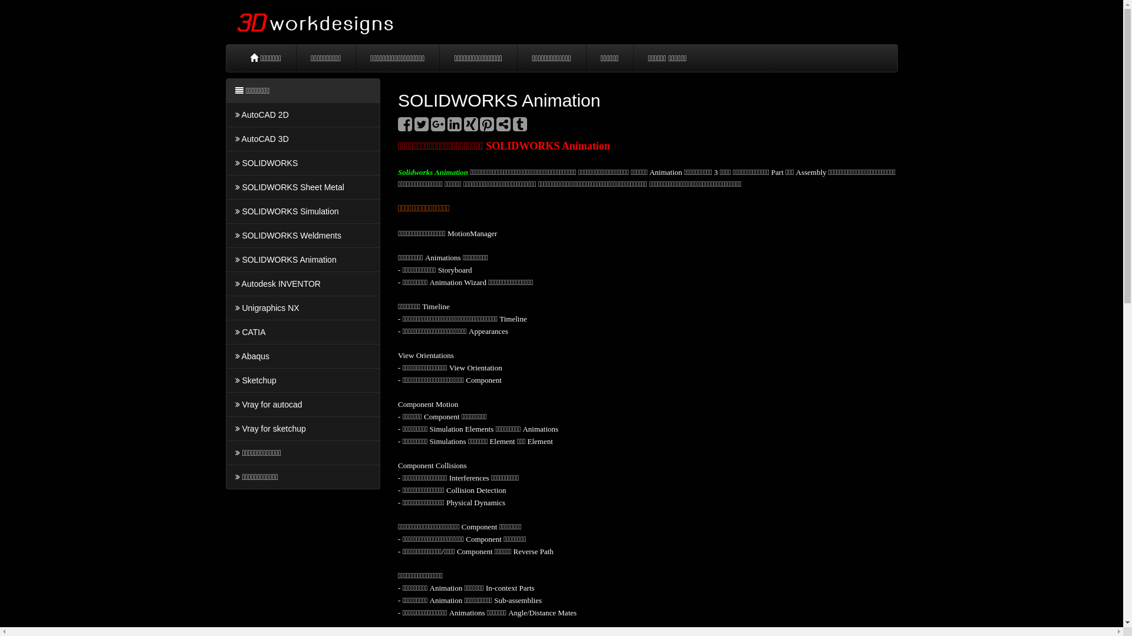 The width and height of the screenshot is (1132, 636). What do you see at coordinates (302, 356) in the screenshot?
I see `'Abaqus'` at bounding box center [302, 356].